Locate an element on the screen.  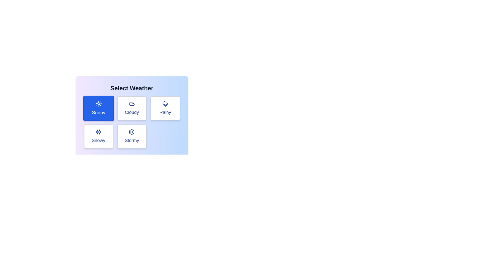
the 'Rainy' button, which is a rectangular button with a cloud and rain icon, located in the top-right of a 3x2 grid layout is located at coordinates (165, 108).